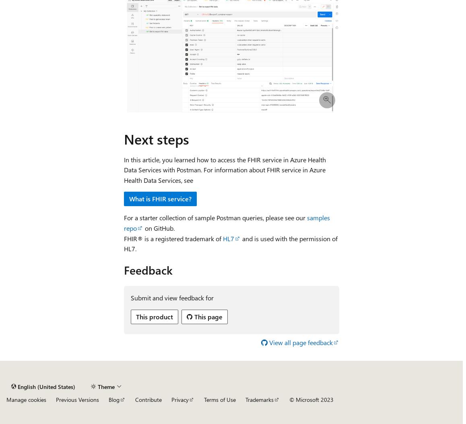 This screenshot has height=424, width=466. Describe the element at coordinates (26, 399) in the screenshot. I see `'Manage cookies'` at that location.